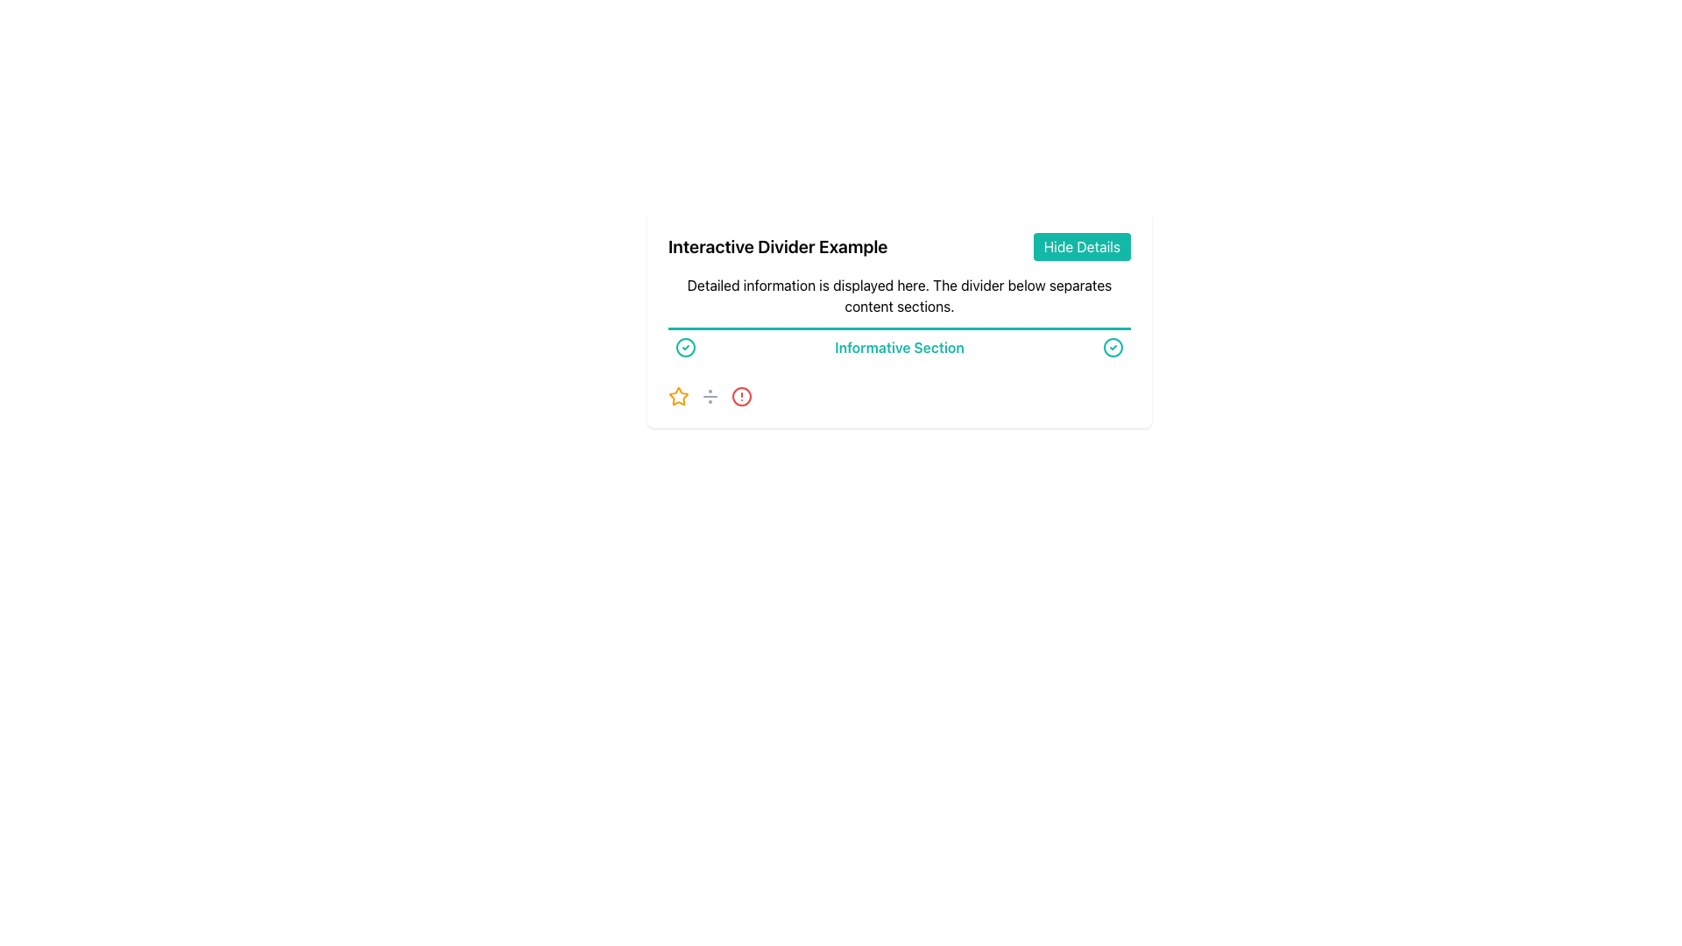  What do you see at coordinates (1113, 348) in the screenshot?
I see `the circular teal icon with a check mark in the center, located to the right of the 'Informative Section' label` at bounding box center [1113, 348].